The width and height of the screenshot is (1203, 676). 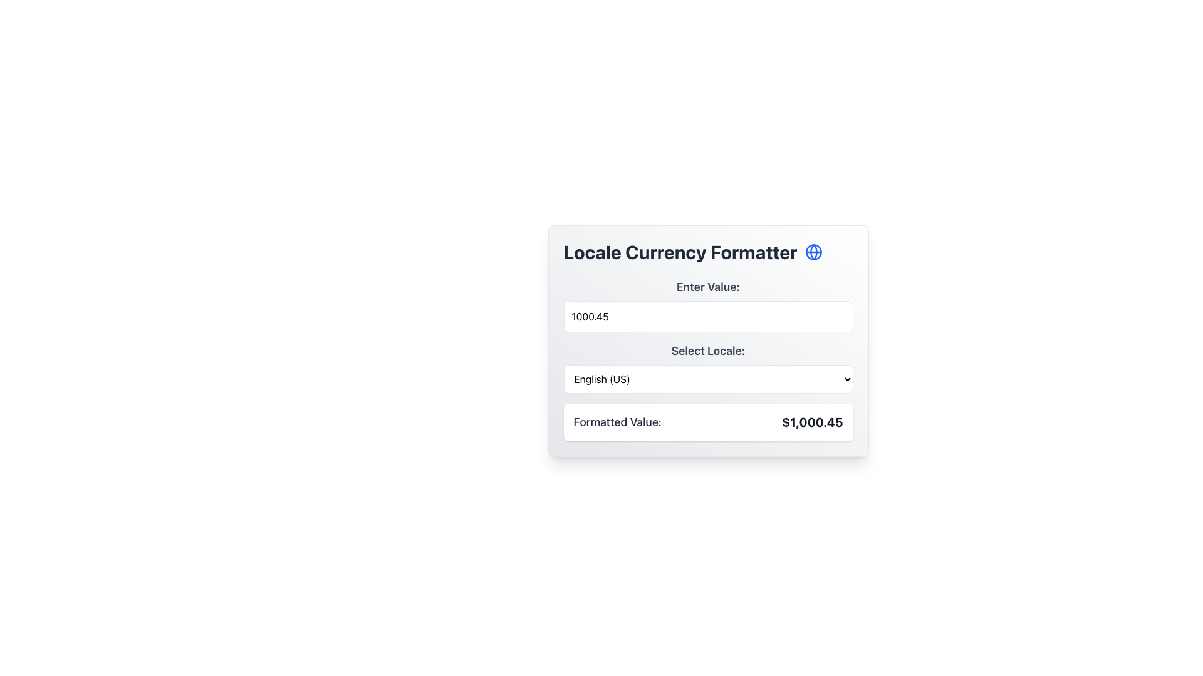 What do you see at coordinates (708, 367) in the screenshot?
I see `the 'Select Locale:' dropdown menu` at bounding box center [708, 367].